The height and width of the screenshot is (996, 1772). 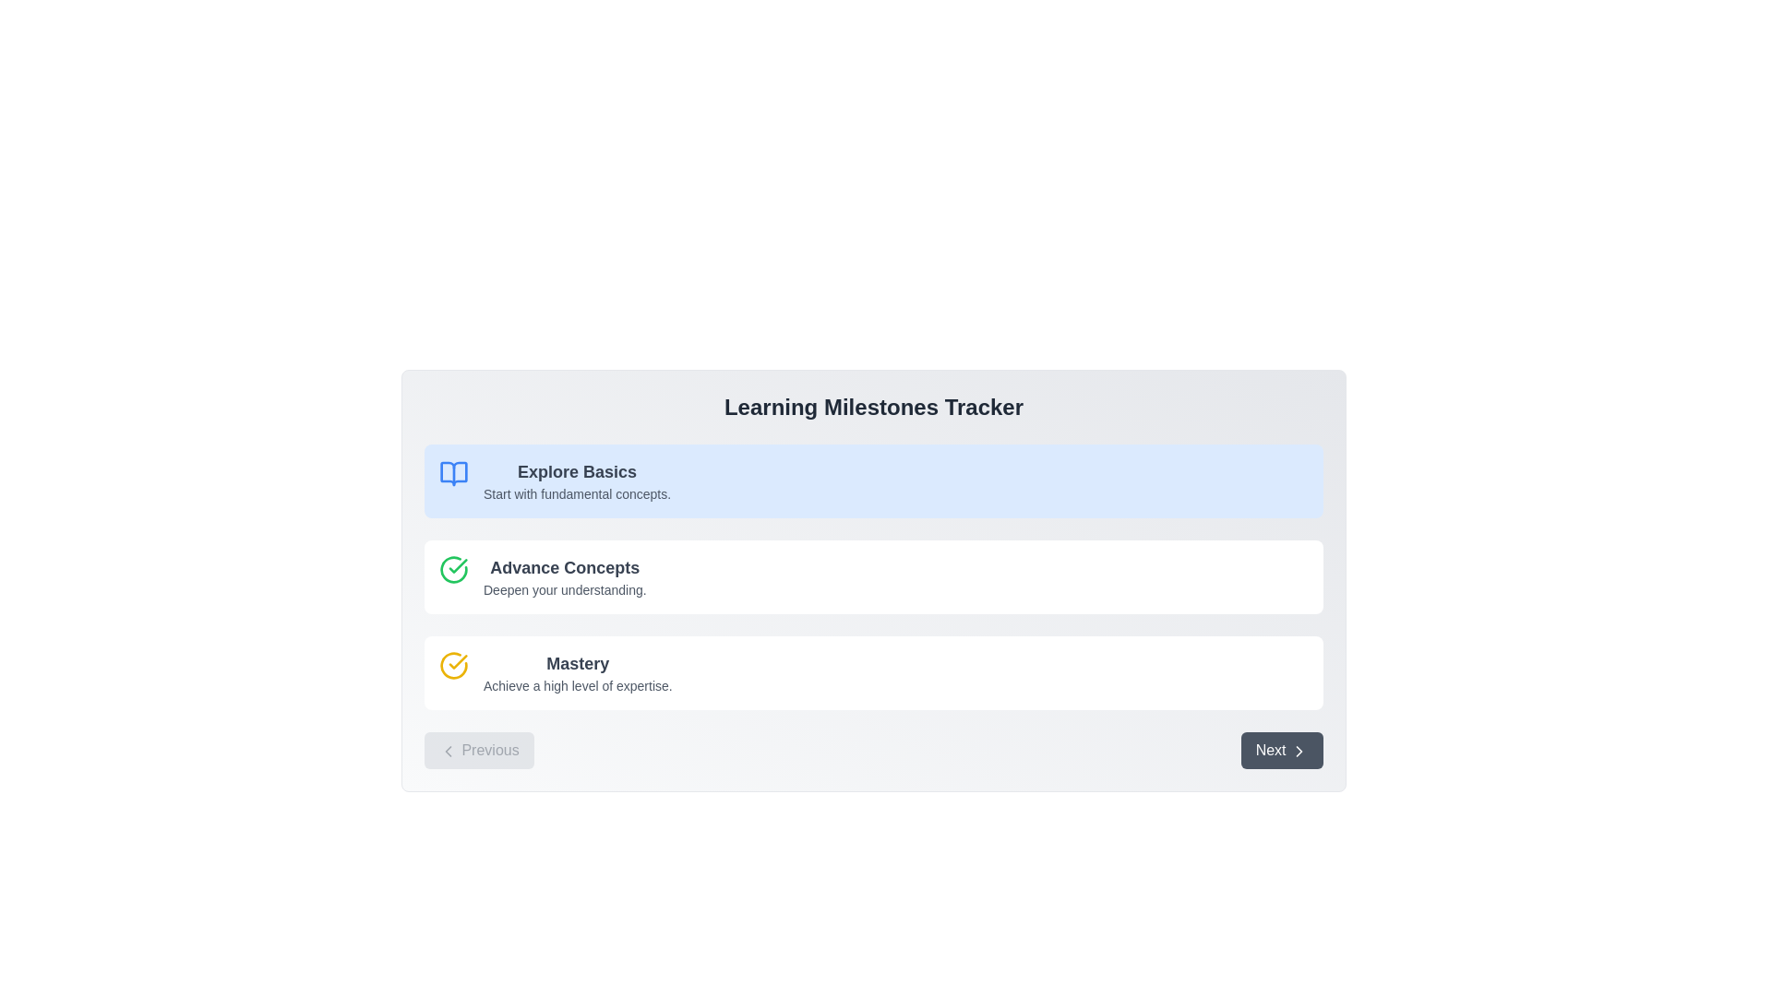 I want to click on the right-facing chevron icon located within the 'Next' button at the bottom-right corner of the interface, so click(x=1298, y=750).